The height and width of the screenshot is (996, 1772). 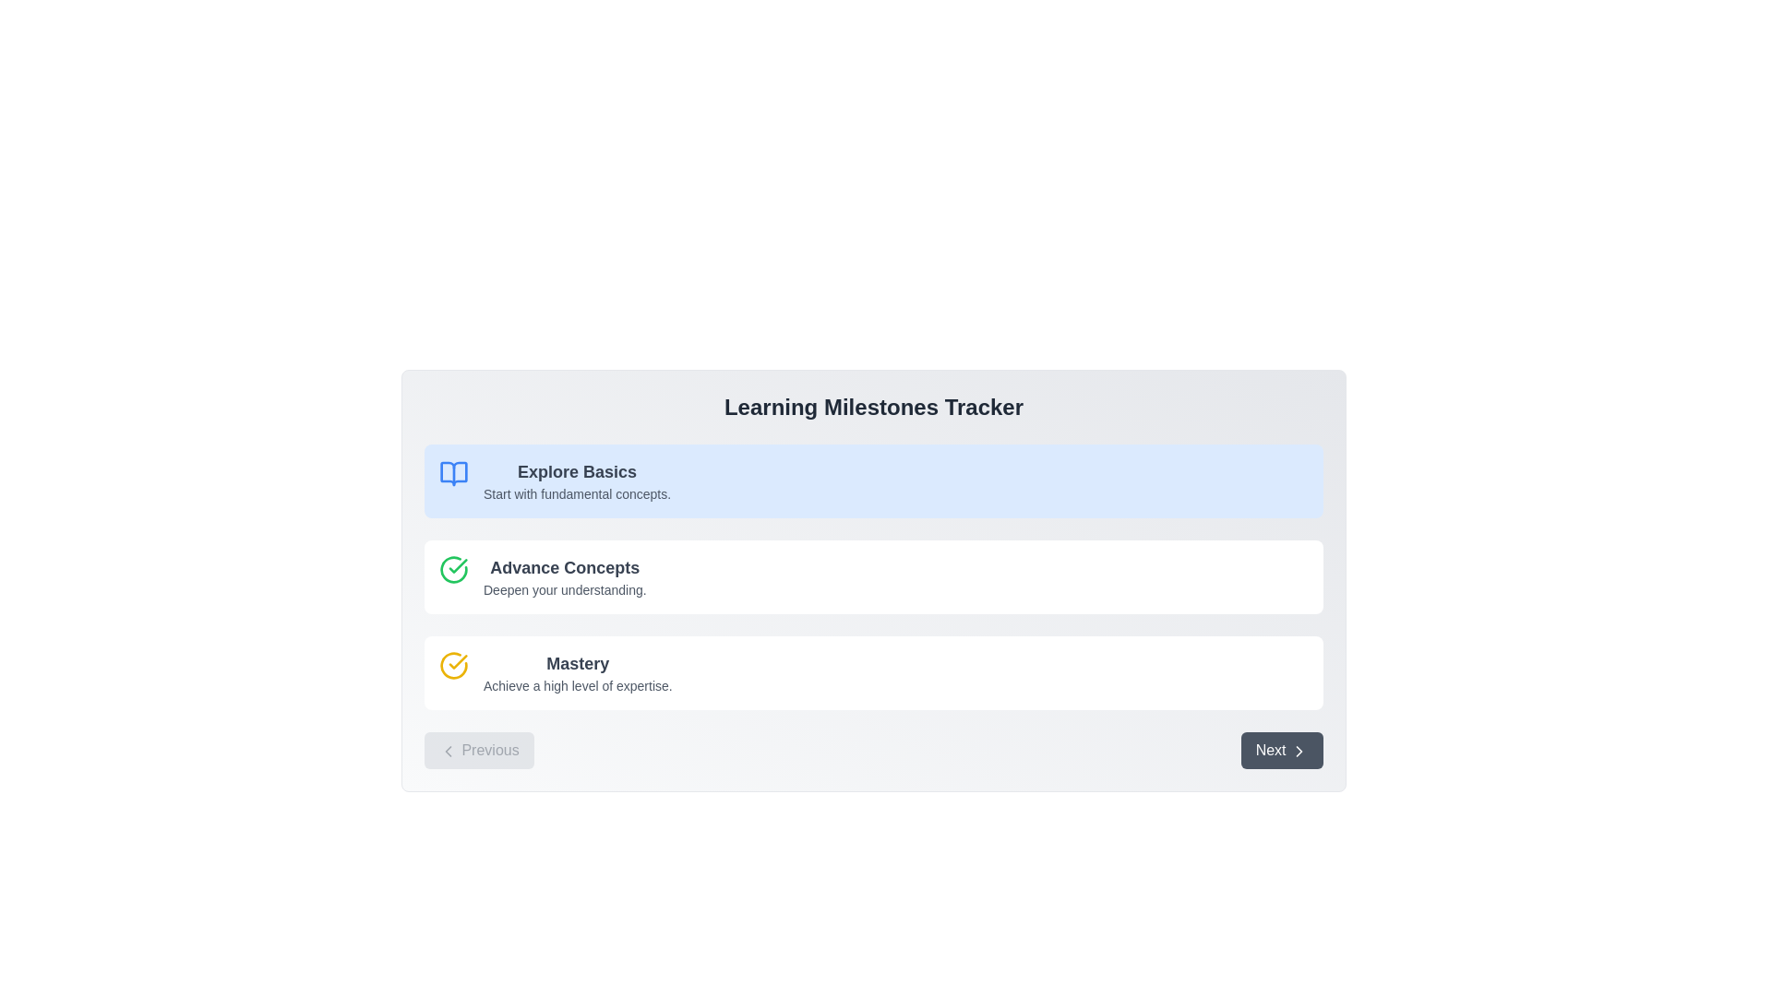 I want to click on the right-facing chevron icon located within the 'Next' button at the bottom-right corner of the interface, so click(x=1298, y=750).